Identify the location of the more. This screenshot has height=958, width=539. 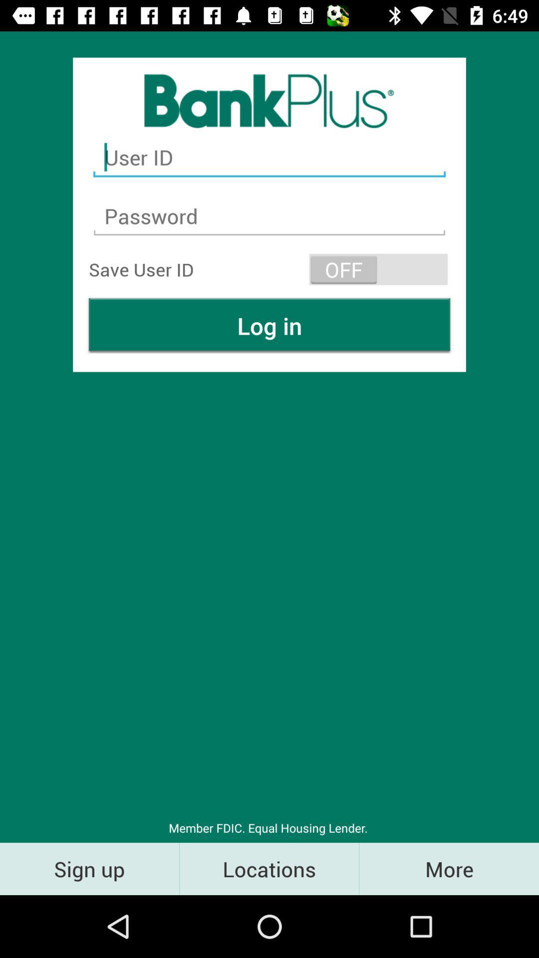
(448, 868).